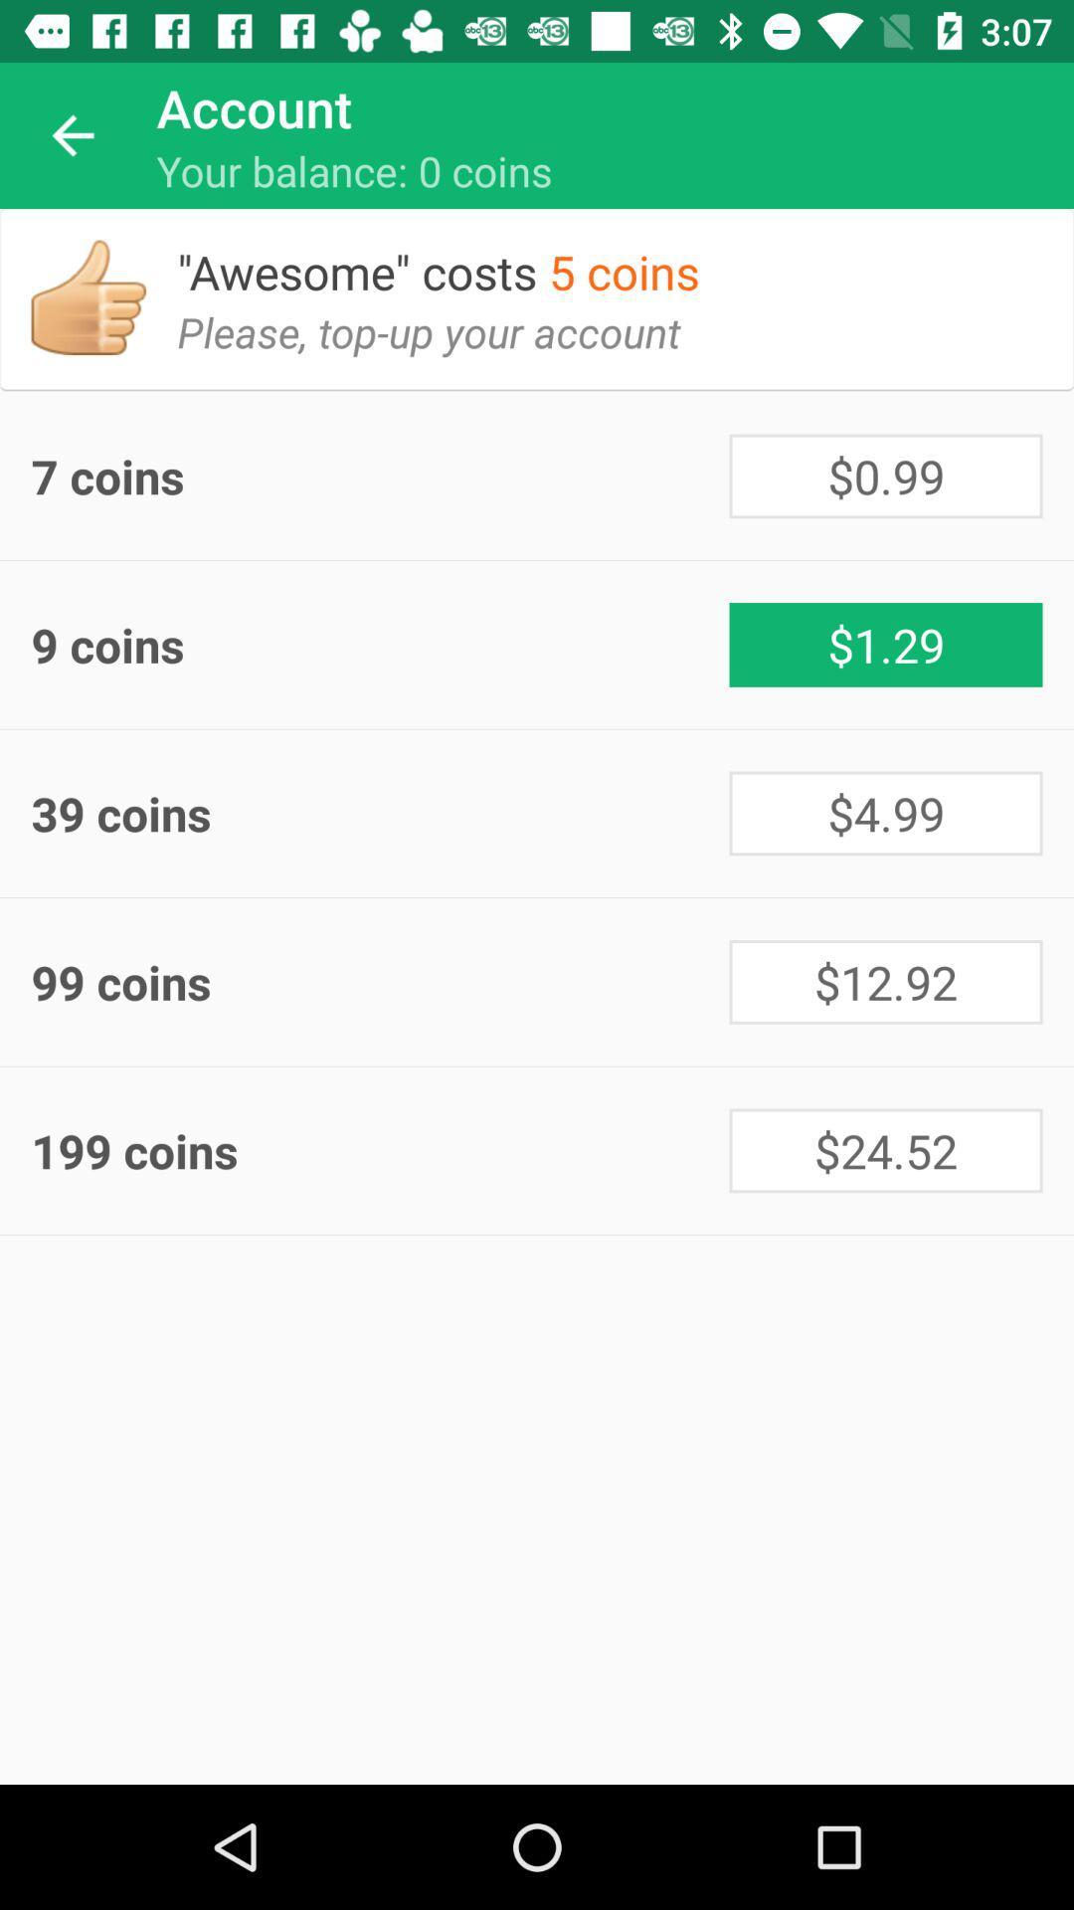 This screenshot has width=1074, height=1910. What do you see at coordinates (444, 347) in the screenshot?
I see `the icon below the awesome costs 5` at bounding box center [444, 347].